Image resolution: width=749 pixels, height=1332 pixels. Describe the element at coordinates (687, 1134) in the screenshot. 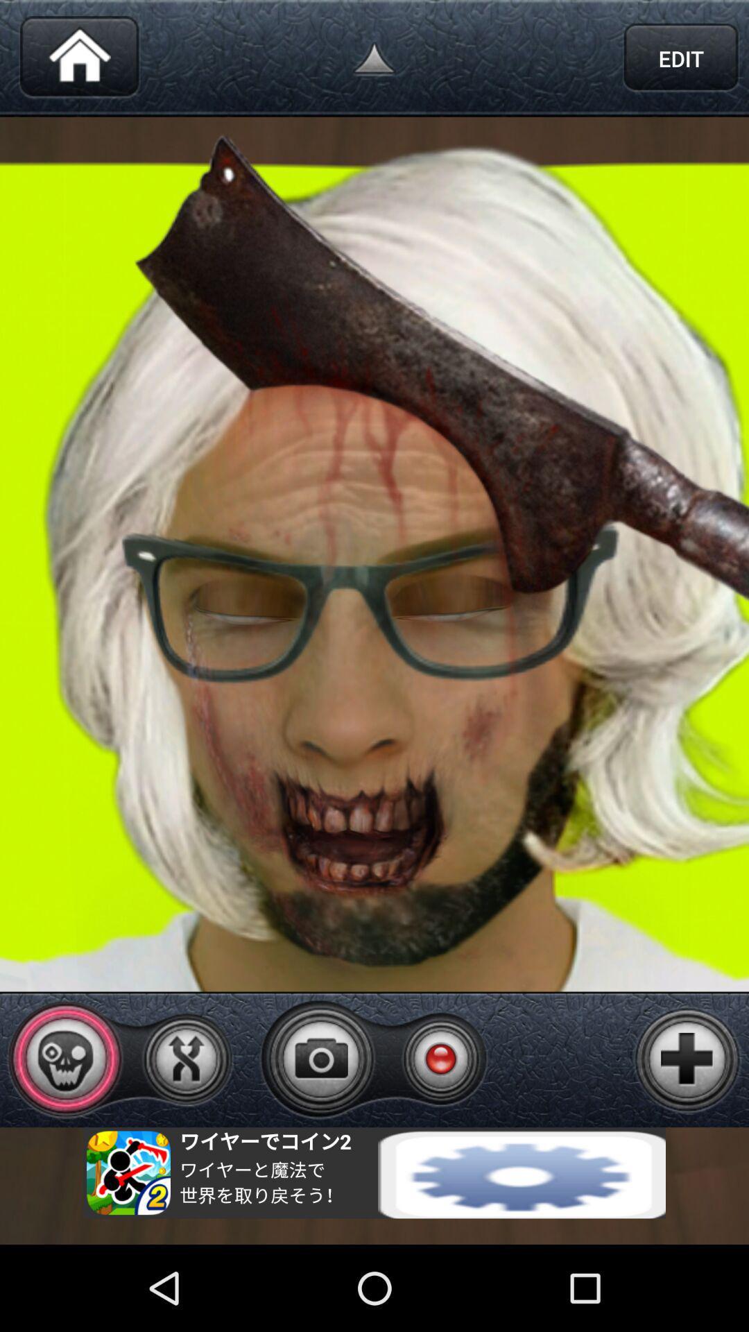

I see `the add icon` at that location.